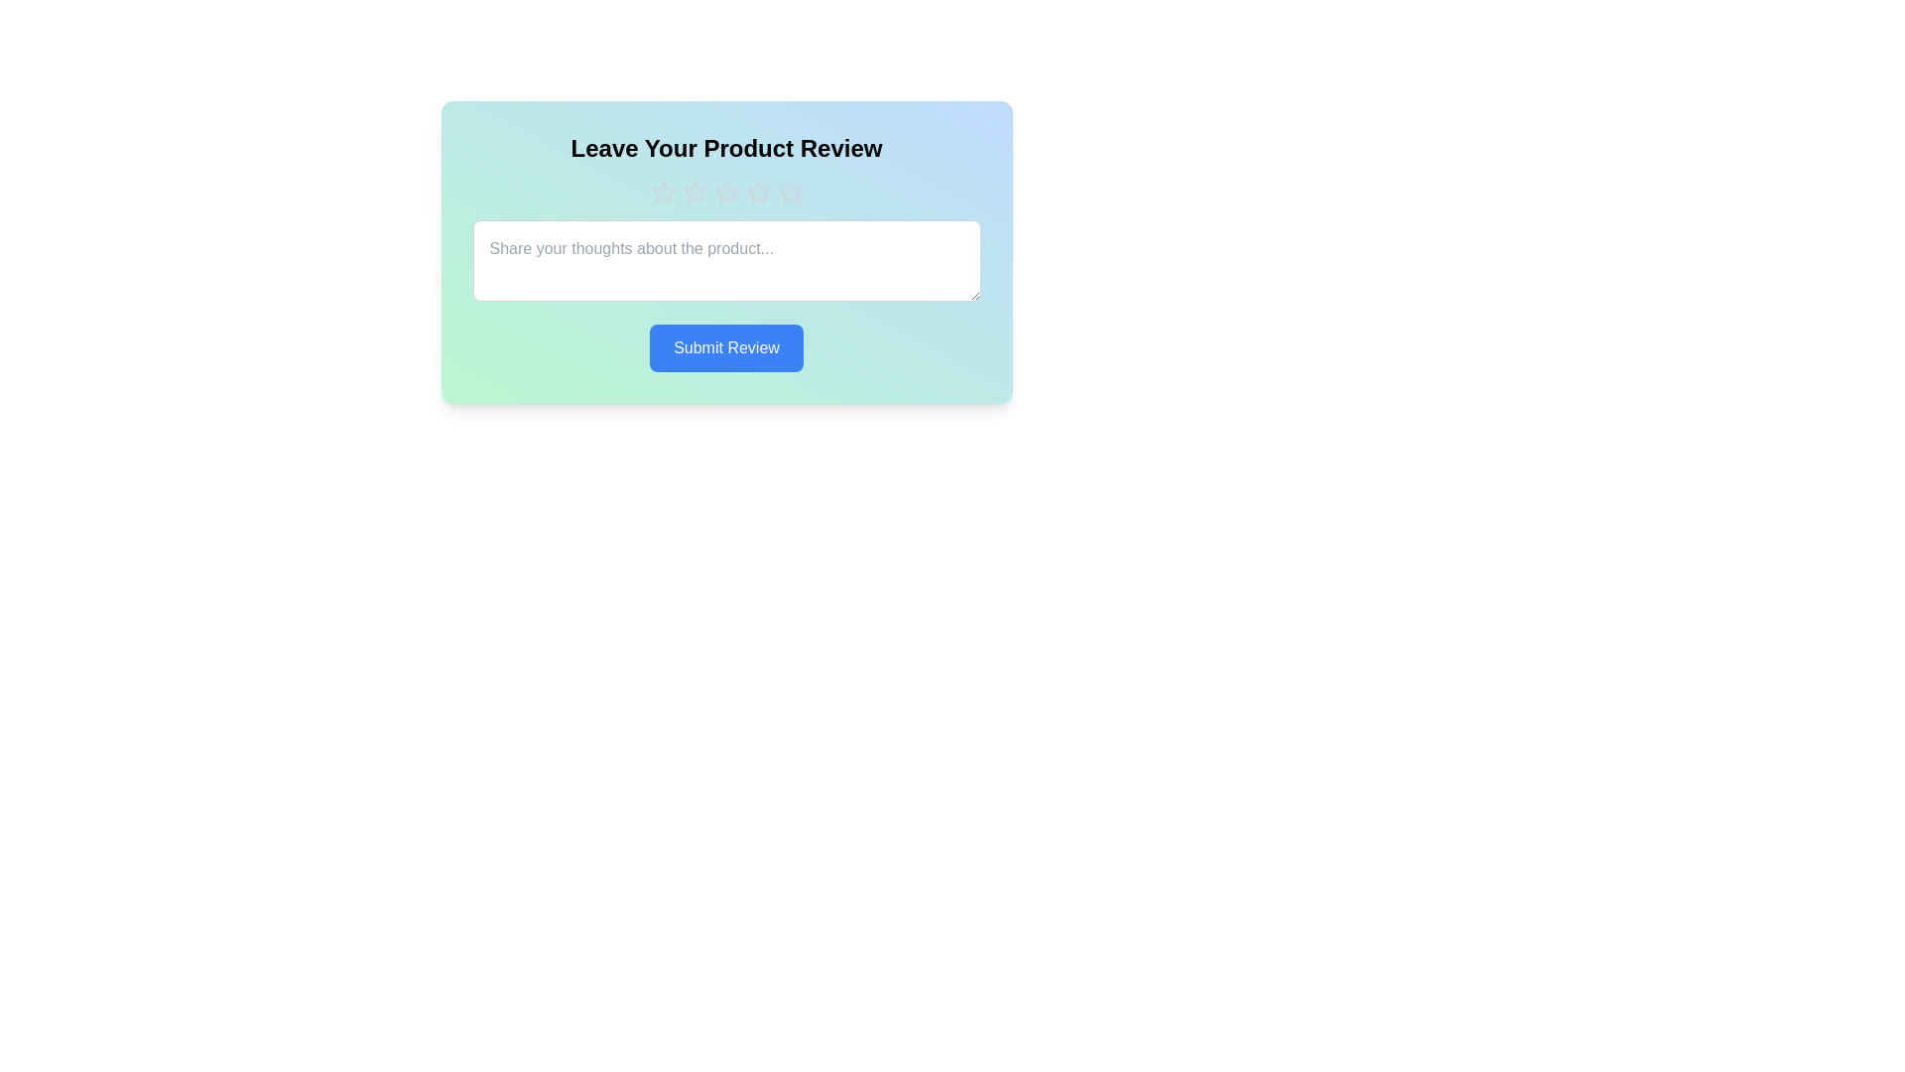 Image resolution: width=1905 pixels, height=1072 pixels. What do you see at coordinates (724, 347) in the screenshot?
I see `'Submit Review' button to submit the review` at bounding box center [724, 347].